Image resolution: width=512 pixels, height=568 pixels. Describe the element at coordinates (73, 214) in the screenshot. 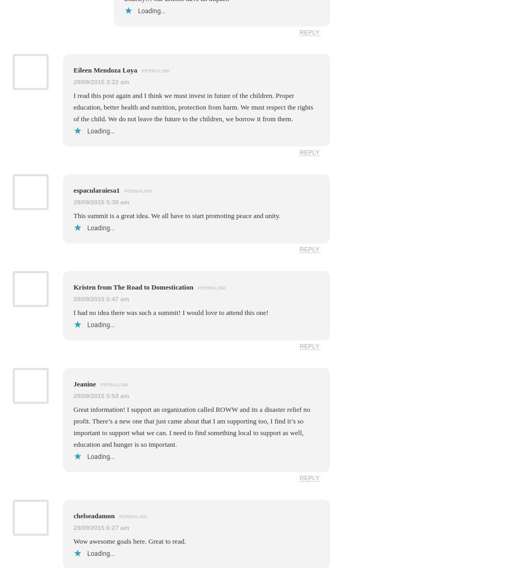

I see `'This summit is a great idea. We all have to start promoting peace and unity.'` at that location.